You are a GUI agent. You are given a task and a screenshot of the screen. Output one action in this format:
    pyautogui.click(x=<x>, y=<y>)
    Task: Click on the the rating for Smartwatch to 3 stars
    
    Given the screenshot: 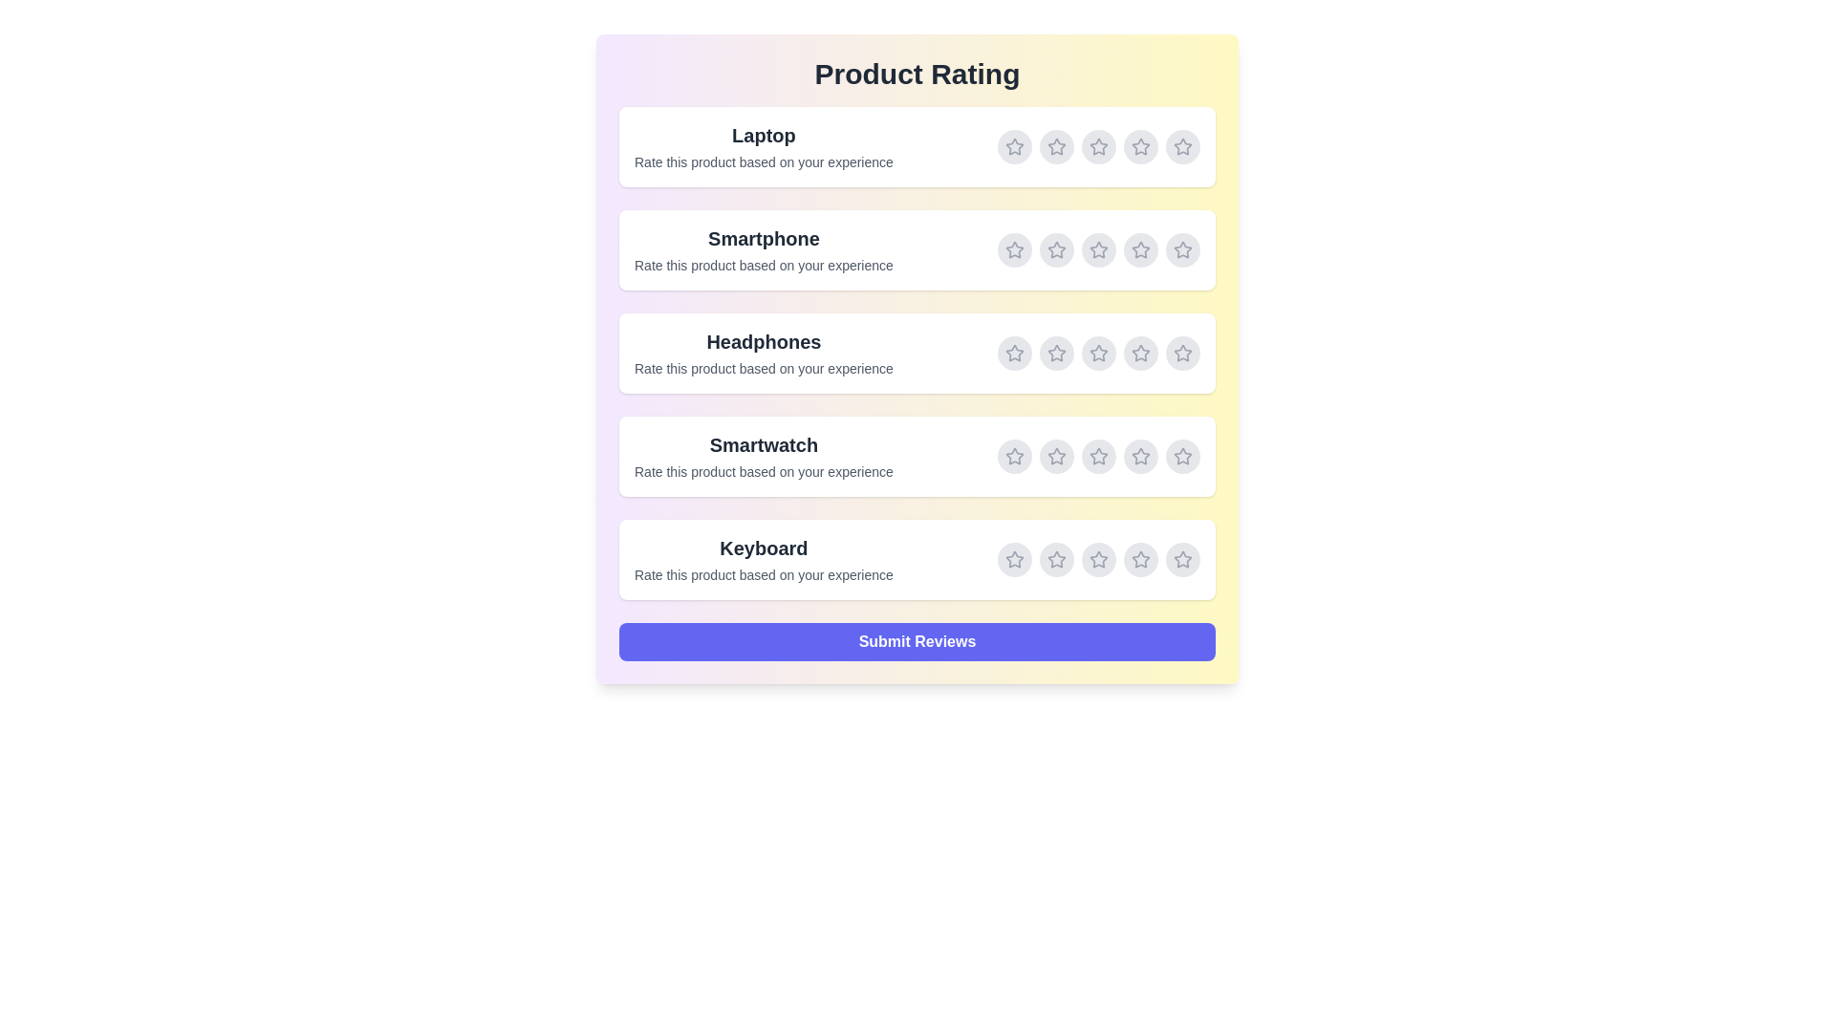 What is the action you would take?
    pyautogui.click(x=1099, y=457)
    